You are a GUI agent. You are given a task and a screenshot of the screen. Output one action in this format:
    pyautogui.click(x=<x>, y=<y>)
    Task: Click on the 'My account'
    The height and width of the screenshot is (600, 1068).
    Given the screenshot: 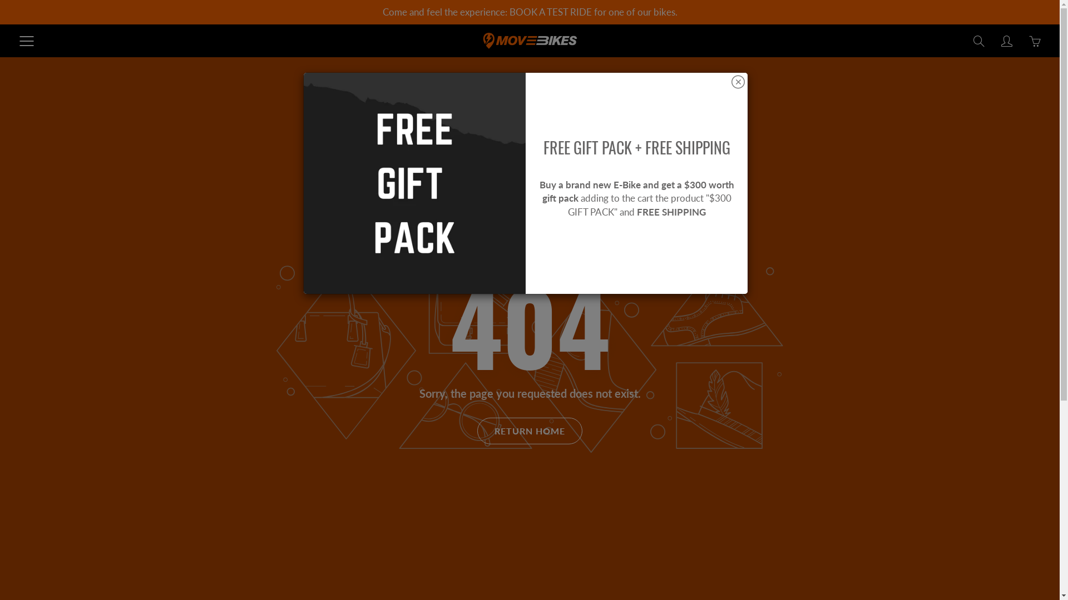 What is the action you would take?
    pyautogui.click(x=1006, y=40)
    